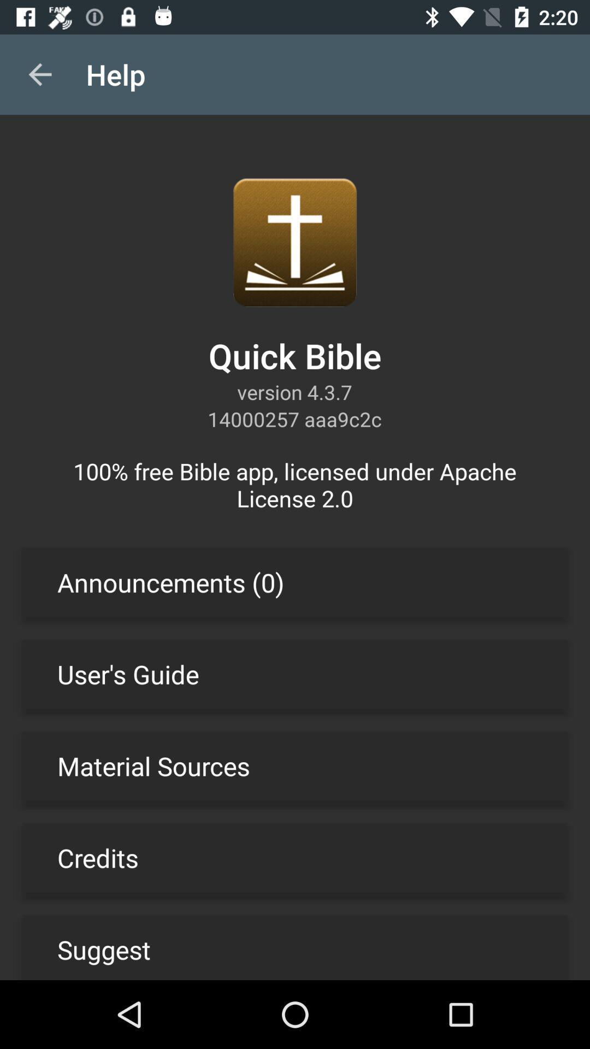 The width and height of the screenshot is (590, 1049). Describe the element at coordinates (295, 484) in the screenshot. I see `the 100 free bible icon` at that location.